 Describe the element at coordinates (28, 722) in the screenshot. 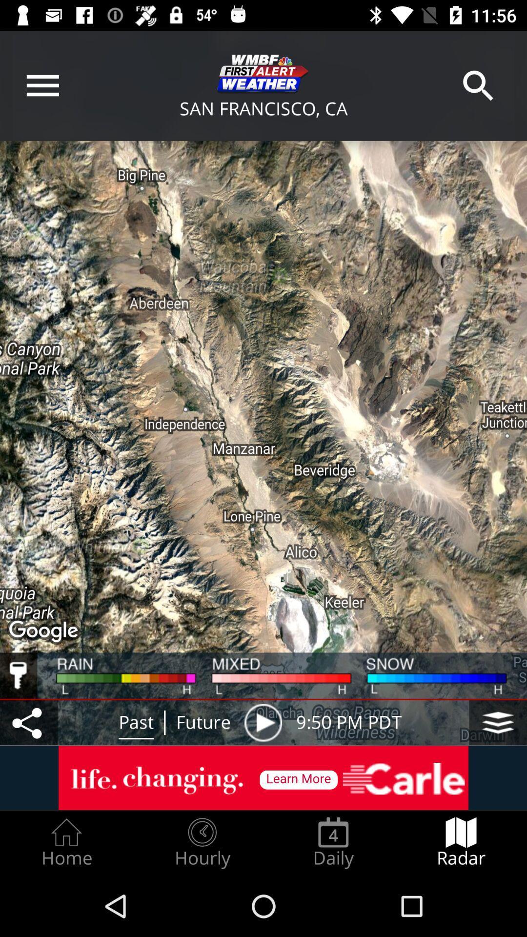

I see `the share icon` at that location.